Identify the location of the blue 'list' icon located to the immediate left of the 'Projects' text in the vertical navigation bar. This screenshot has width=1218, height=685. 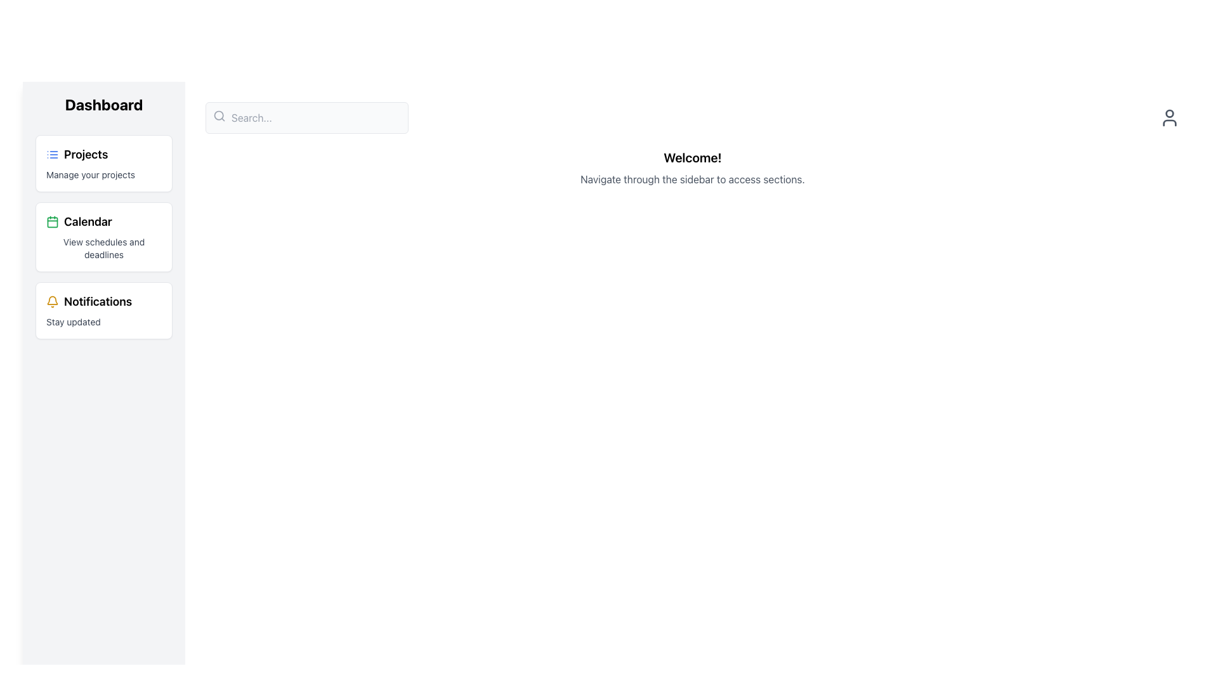
(51, 153).